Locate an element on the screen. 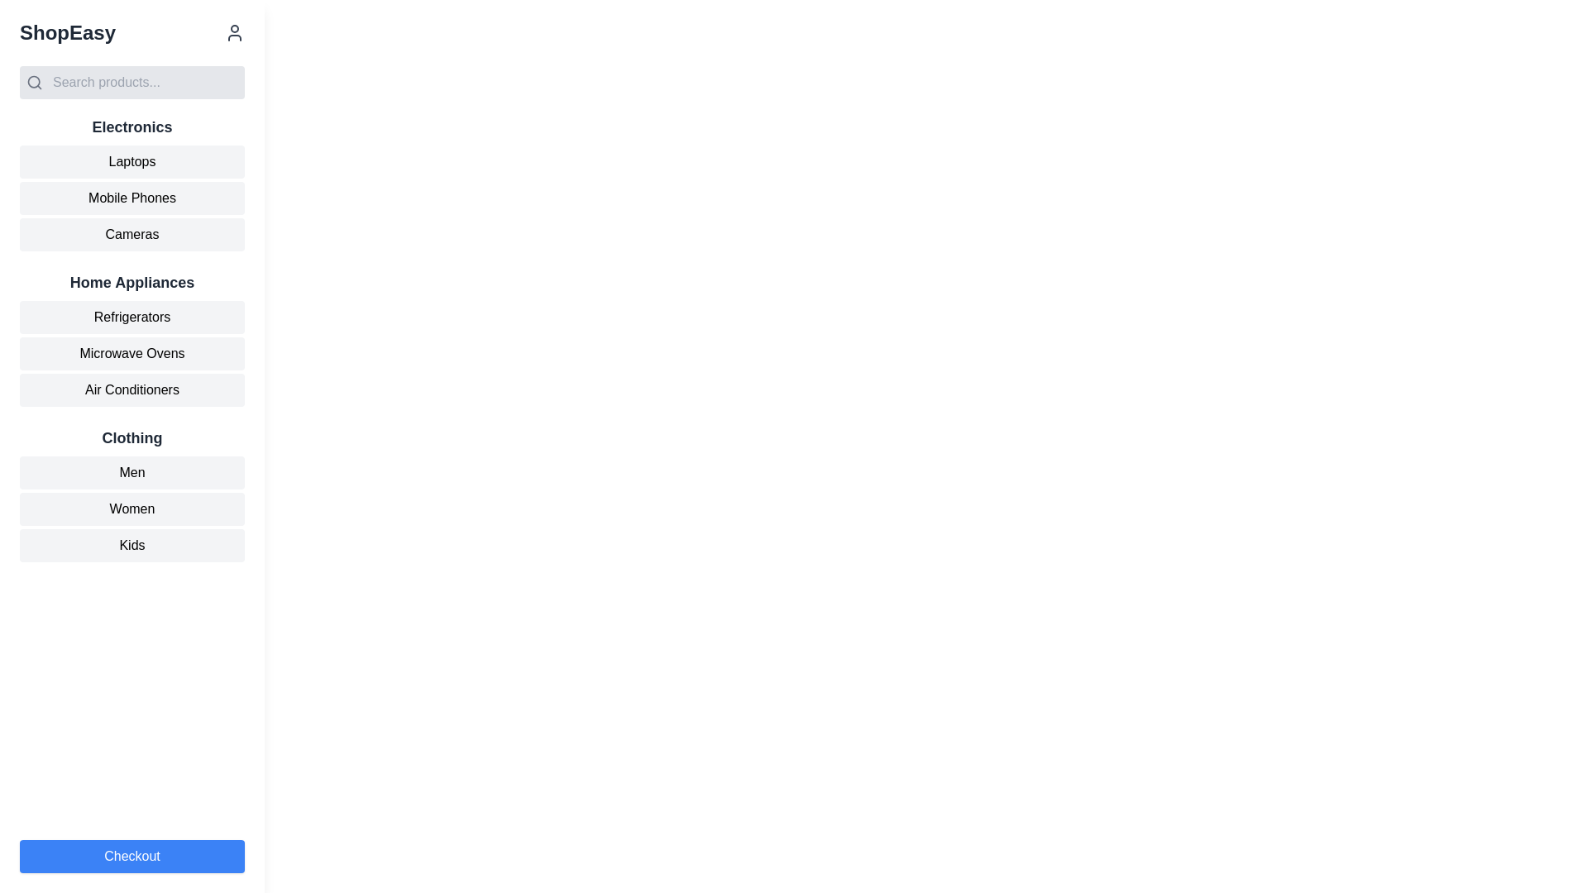 The image size is (1588, 893). the 'Microwave Ovens' menu item, which is the second item in the 'Home Appliances' section is located at coordinates (131, 353).